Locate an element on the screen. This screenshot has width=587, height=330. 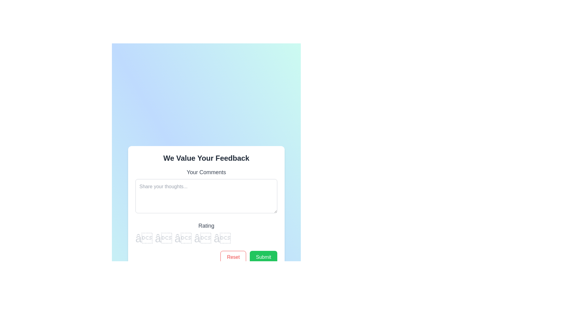
a rating in the feedback form section positioned beneath the header 'We Value Your Feedback' is located at coordinates (206, 215).